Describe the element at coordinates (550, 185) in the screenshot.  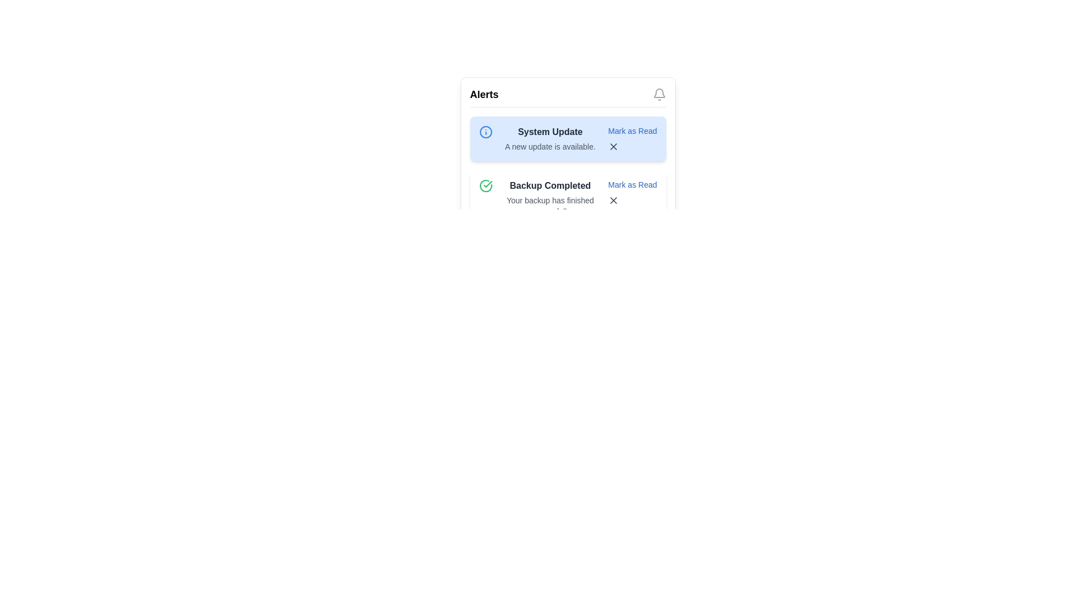
I see `the bold text label reading 'Backup Completed' located in the second notification card of the 'Alerts' panel` at that location.